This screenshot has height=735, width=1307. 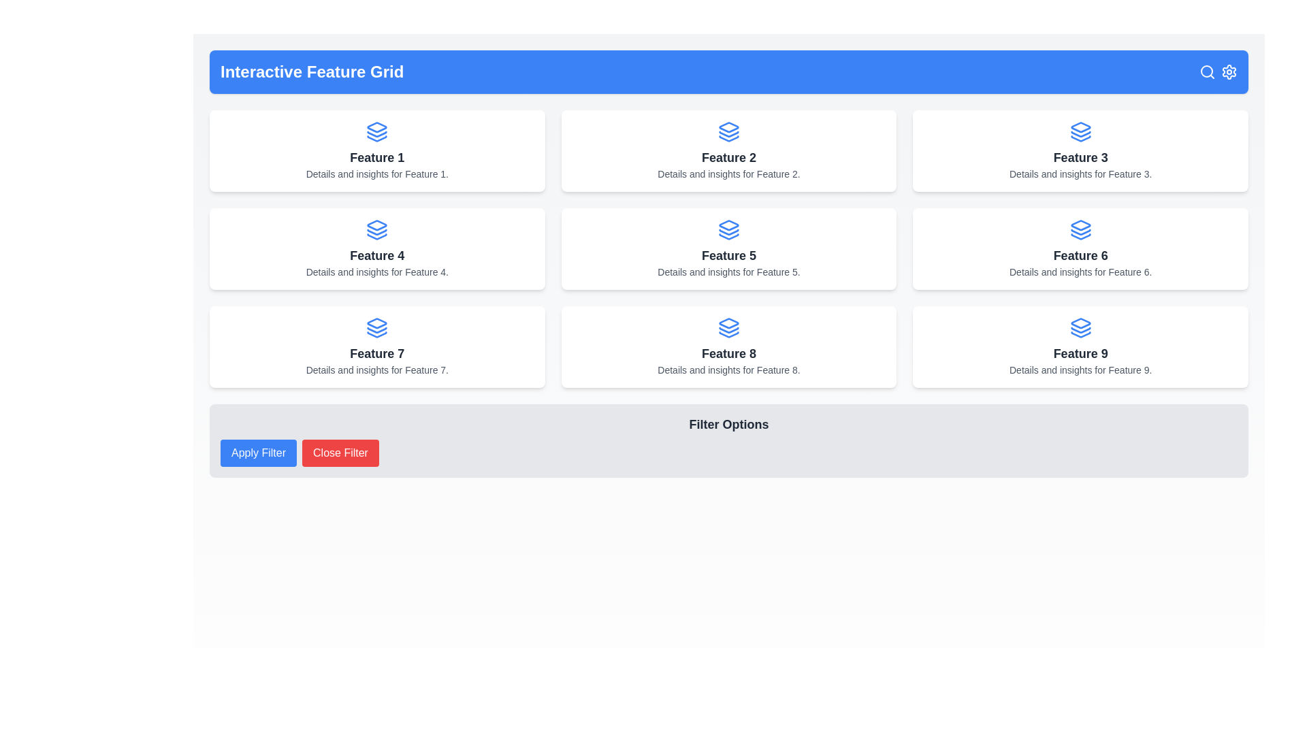 What do you see at coordinates (728, 272) in the screenshot?
I see `the static text that reads 'Details and insights for Feature 5.' located in the second row and second column of the grid layout, positioned below the title and icon within the card labeled 'Feature 5'` at bounding box center [728, 272].